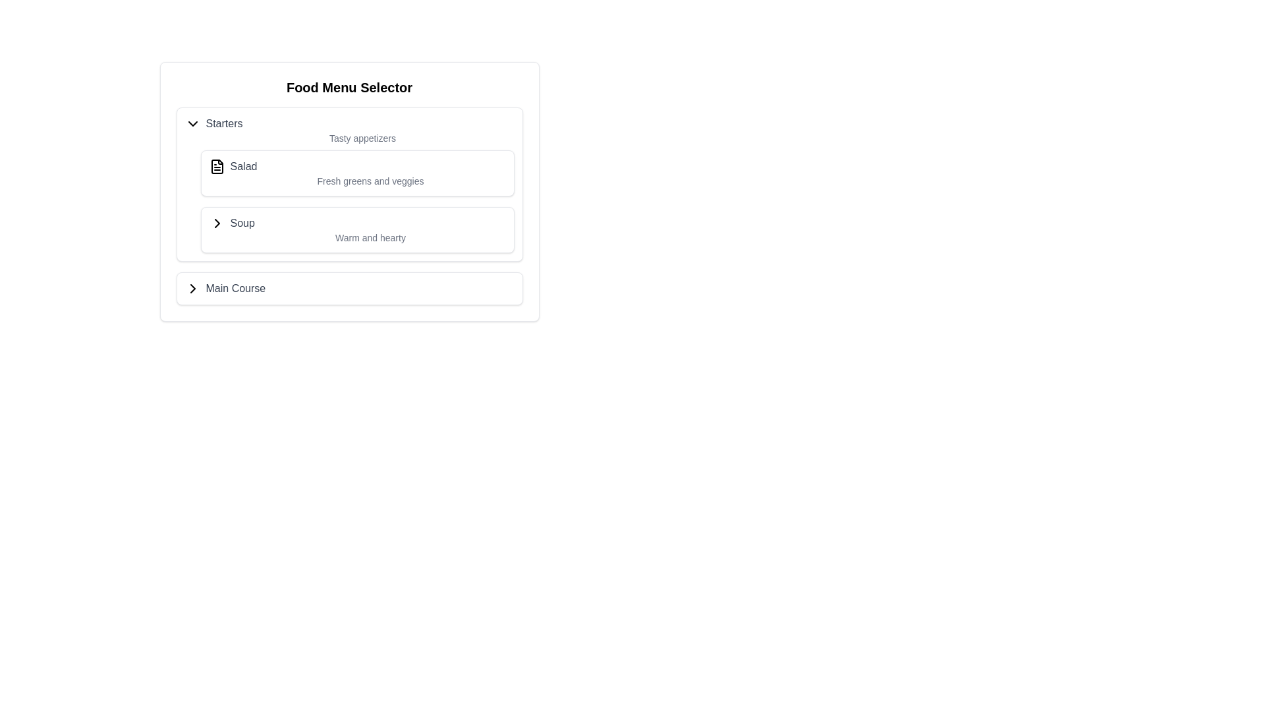 The image size is (1265, 712). I want to click on the document icon with a minimalist outline located to the left of the 'Salad' text in the 'Food Menu Selector', so click(217, 166).